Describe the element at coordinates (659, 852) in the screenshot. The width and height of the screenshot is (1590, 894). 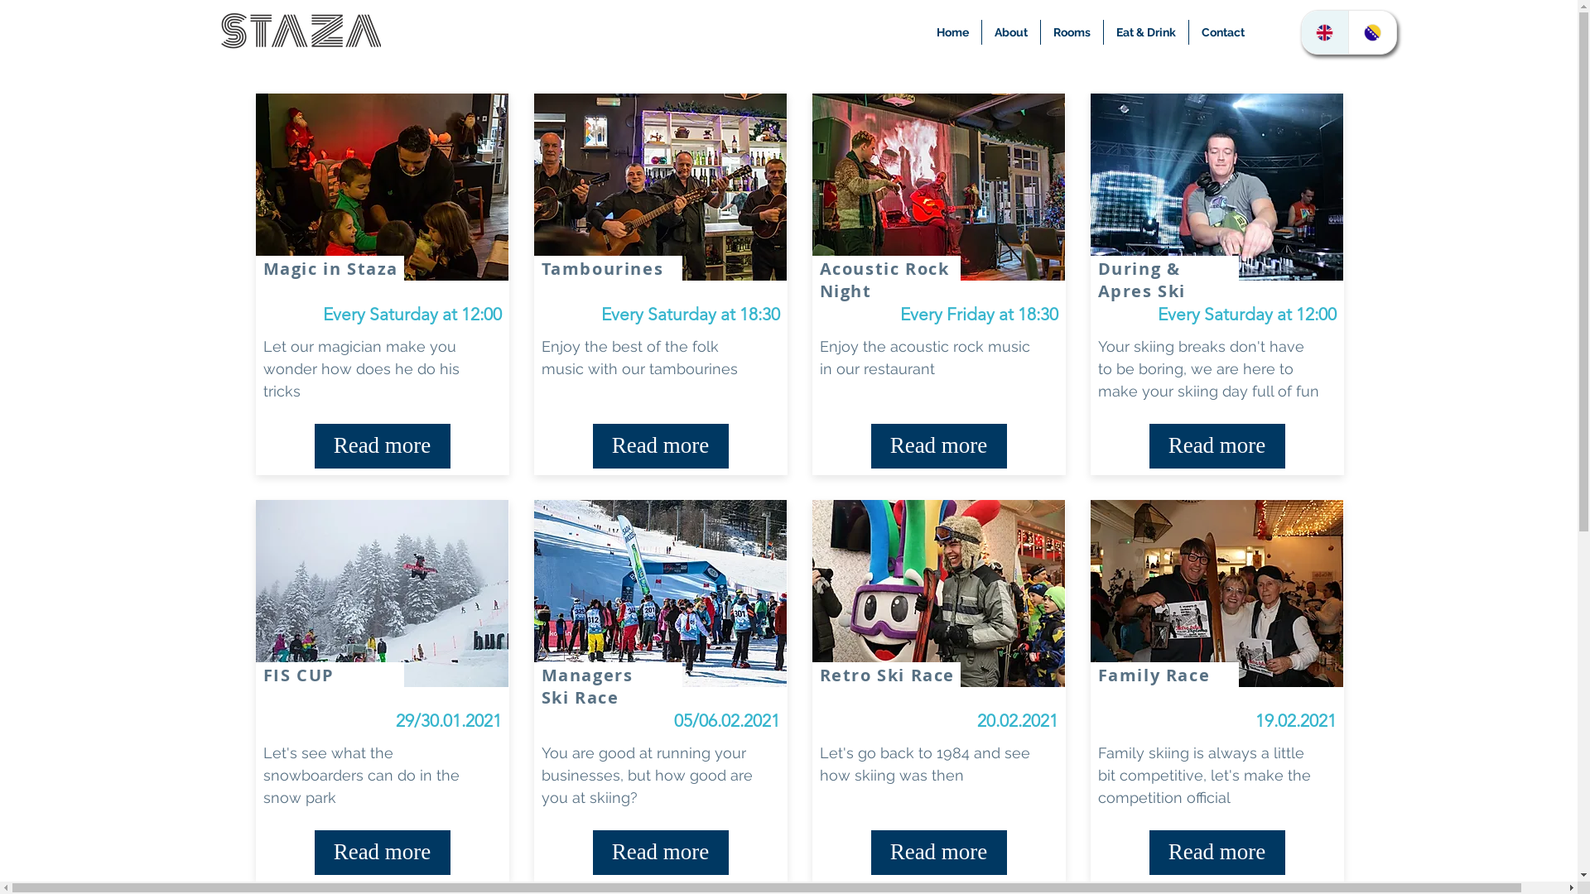
I see `'Read more'` at that location.